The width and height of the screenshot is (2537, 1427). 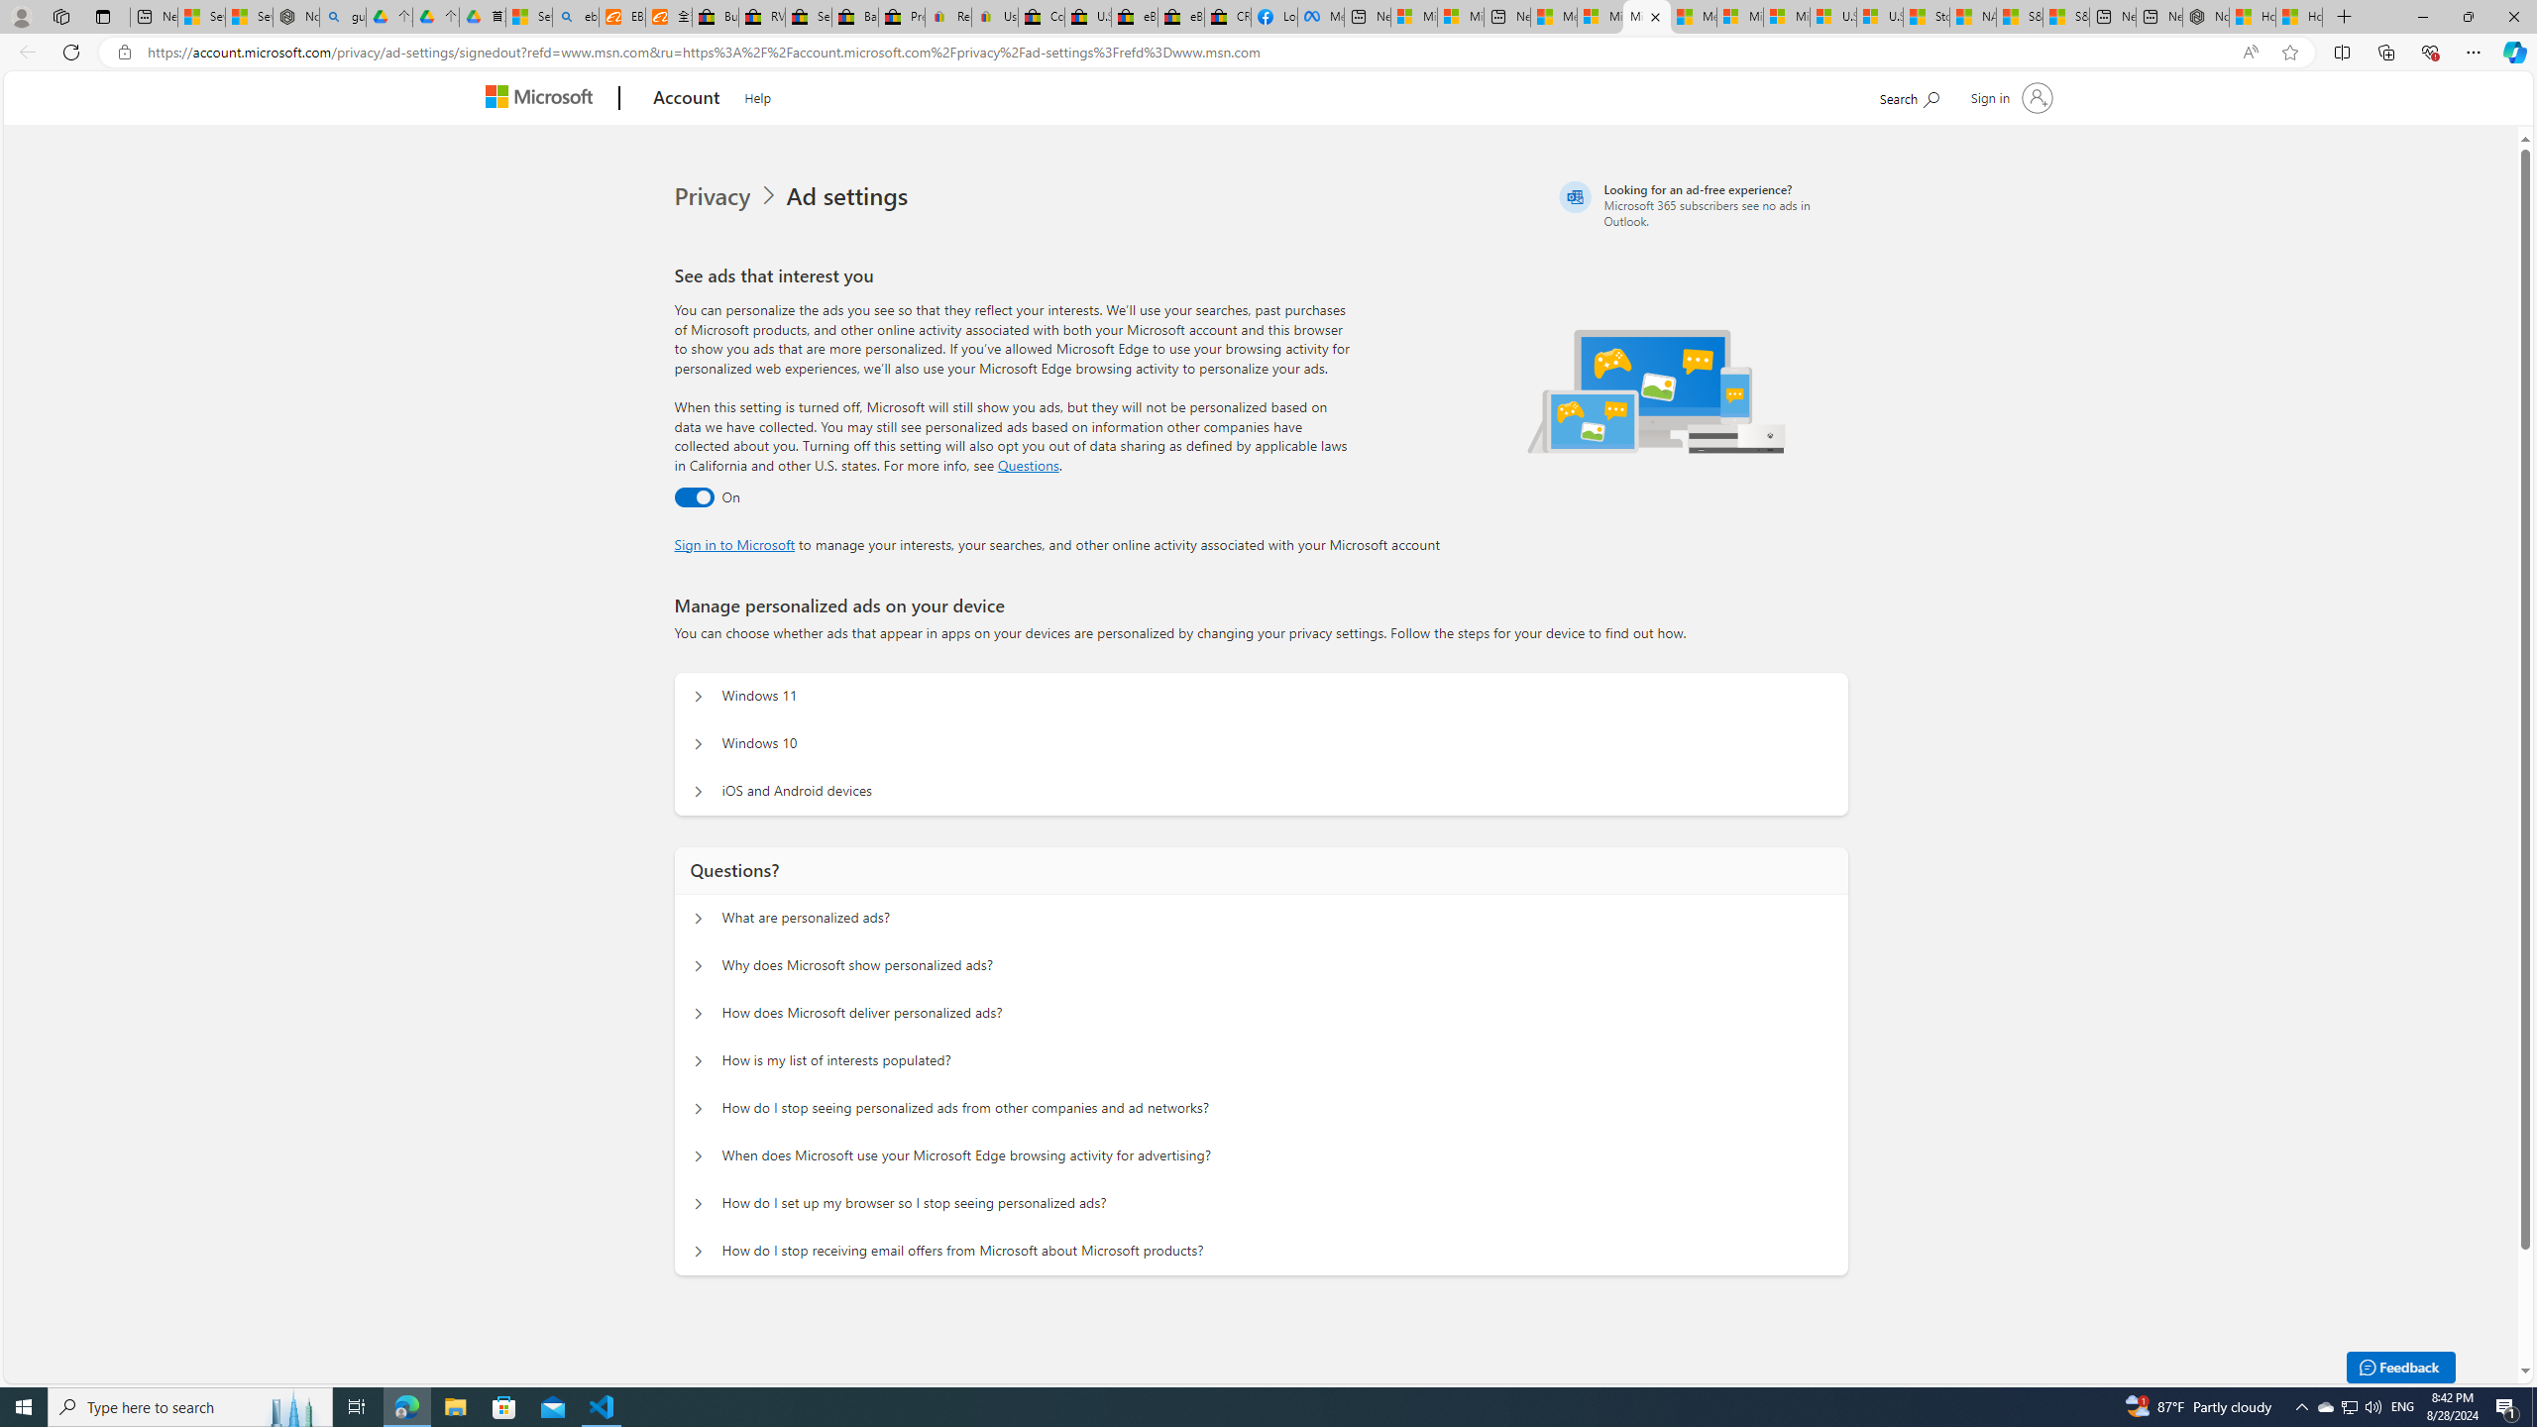 I want to click on 'Register: Create a personal eBay account', so click(x=946, y=16).